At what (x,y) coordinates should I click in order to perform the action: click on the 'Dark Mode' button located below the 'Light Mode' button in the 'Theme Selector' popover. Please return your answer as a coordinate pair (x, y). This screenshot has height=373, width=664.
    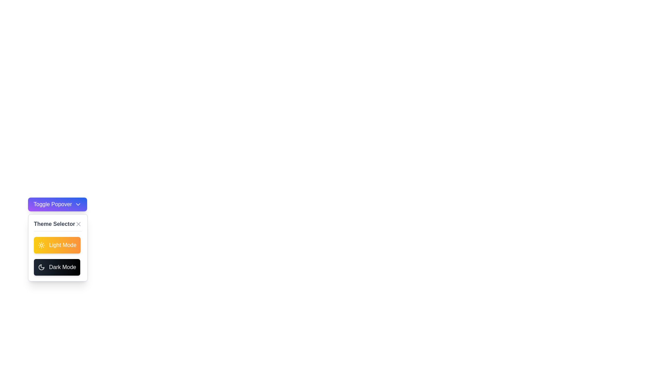
    Looking at the image, I should click on (57, 267).